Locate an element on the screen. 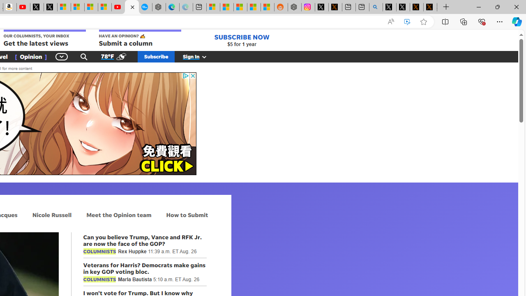  'Gloom - YouTube' is located at coordinates (118, 7).